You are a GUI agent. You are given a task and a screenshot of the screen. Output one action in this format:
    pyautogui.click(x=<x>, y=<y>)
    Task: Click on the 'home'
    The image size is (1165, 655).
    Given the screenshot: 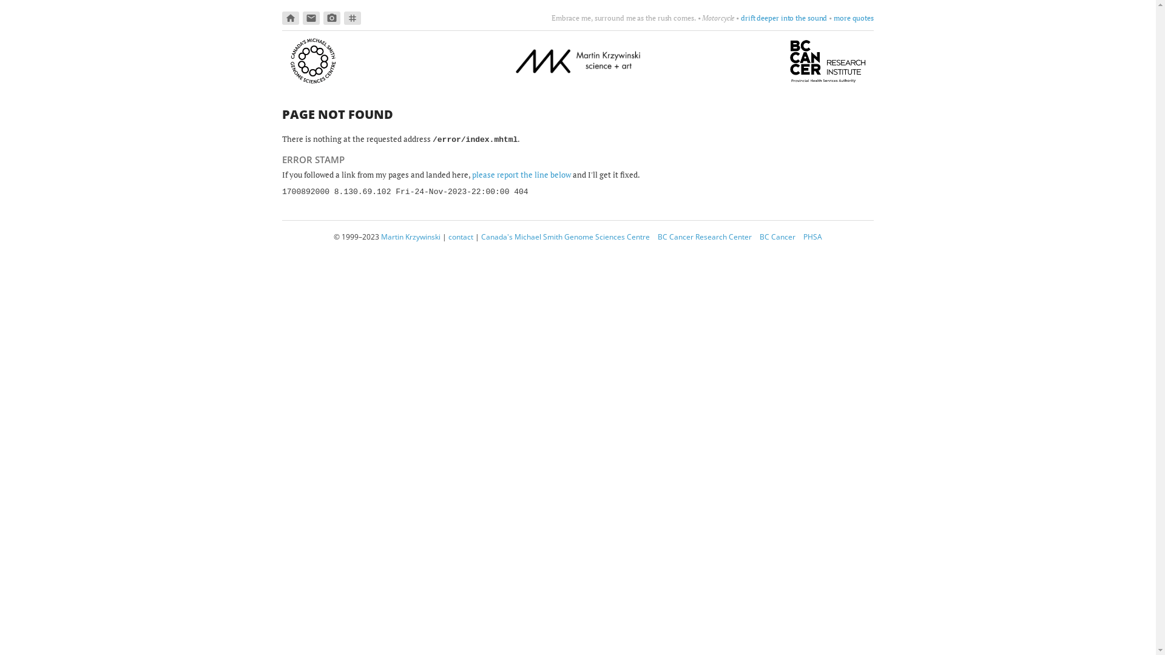 What is the action you would take?
    pyautogui.click(x=290, y=18)
    